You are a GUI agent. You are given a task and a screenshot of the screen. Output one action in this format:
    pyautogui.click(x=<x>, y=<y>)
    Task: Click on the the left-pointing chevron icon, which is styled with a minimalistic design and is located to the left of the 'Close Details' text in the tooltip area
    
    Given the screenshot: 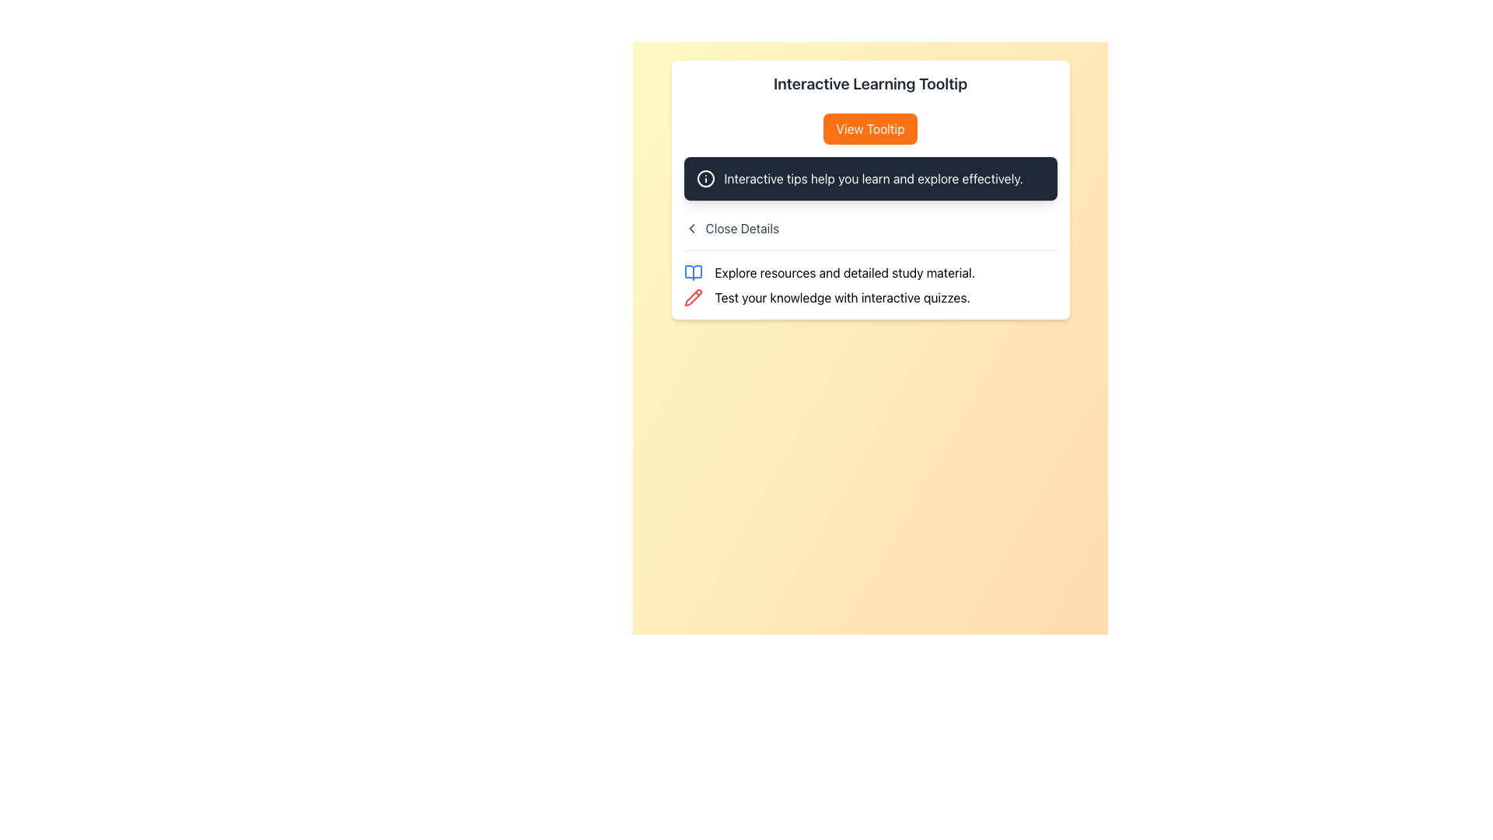 What is the action you would take?
    pyautogui.click(x=691, y=228)
    